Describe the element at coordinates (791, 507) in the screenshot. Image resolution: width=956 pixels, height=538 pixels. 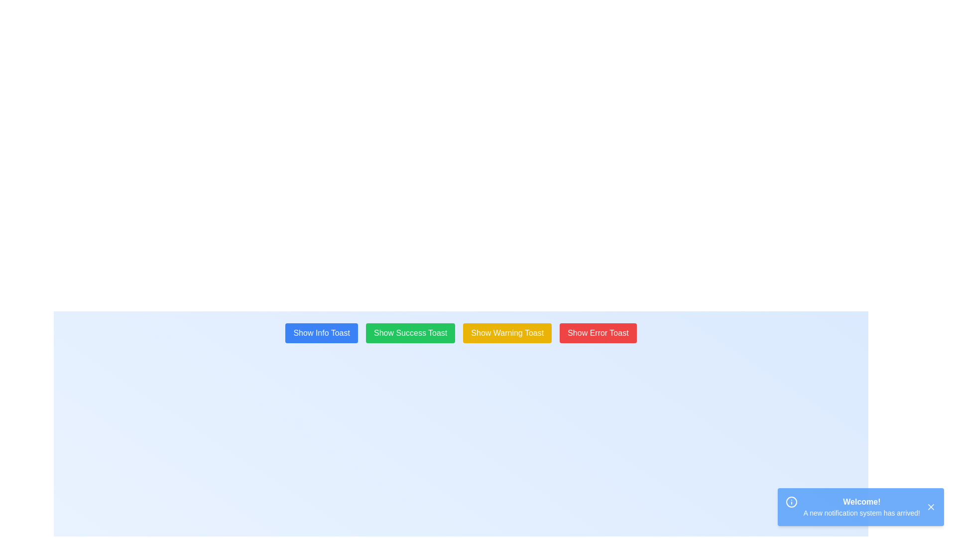
I see `the informational icon resembling a circular outline with a lowercase 'i' inside, located in the bottom-right corner of the interface, to the left of the message 'Welcome! A new notification system has arrived!'` at that location.